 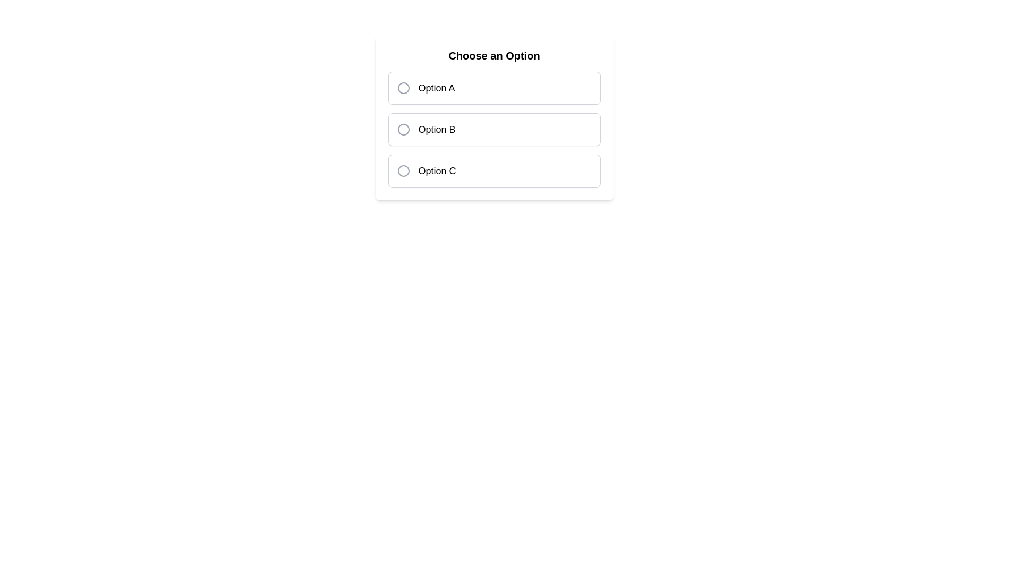 I want to click on the text label displaying 'Option B', which is styled with medium font size and standard weight, positioned as the second option in a selection group on a form interface, so click(x=437, y=129).